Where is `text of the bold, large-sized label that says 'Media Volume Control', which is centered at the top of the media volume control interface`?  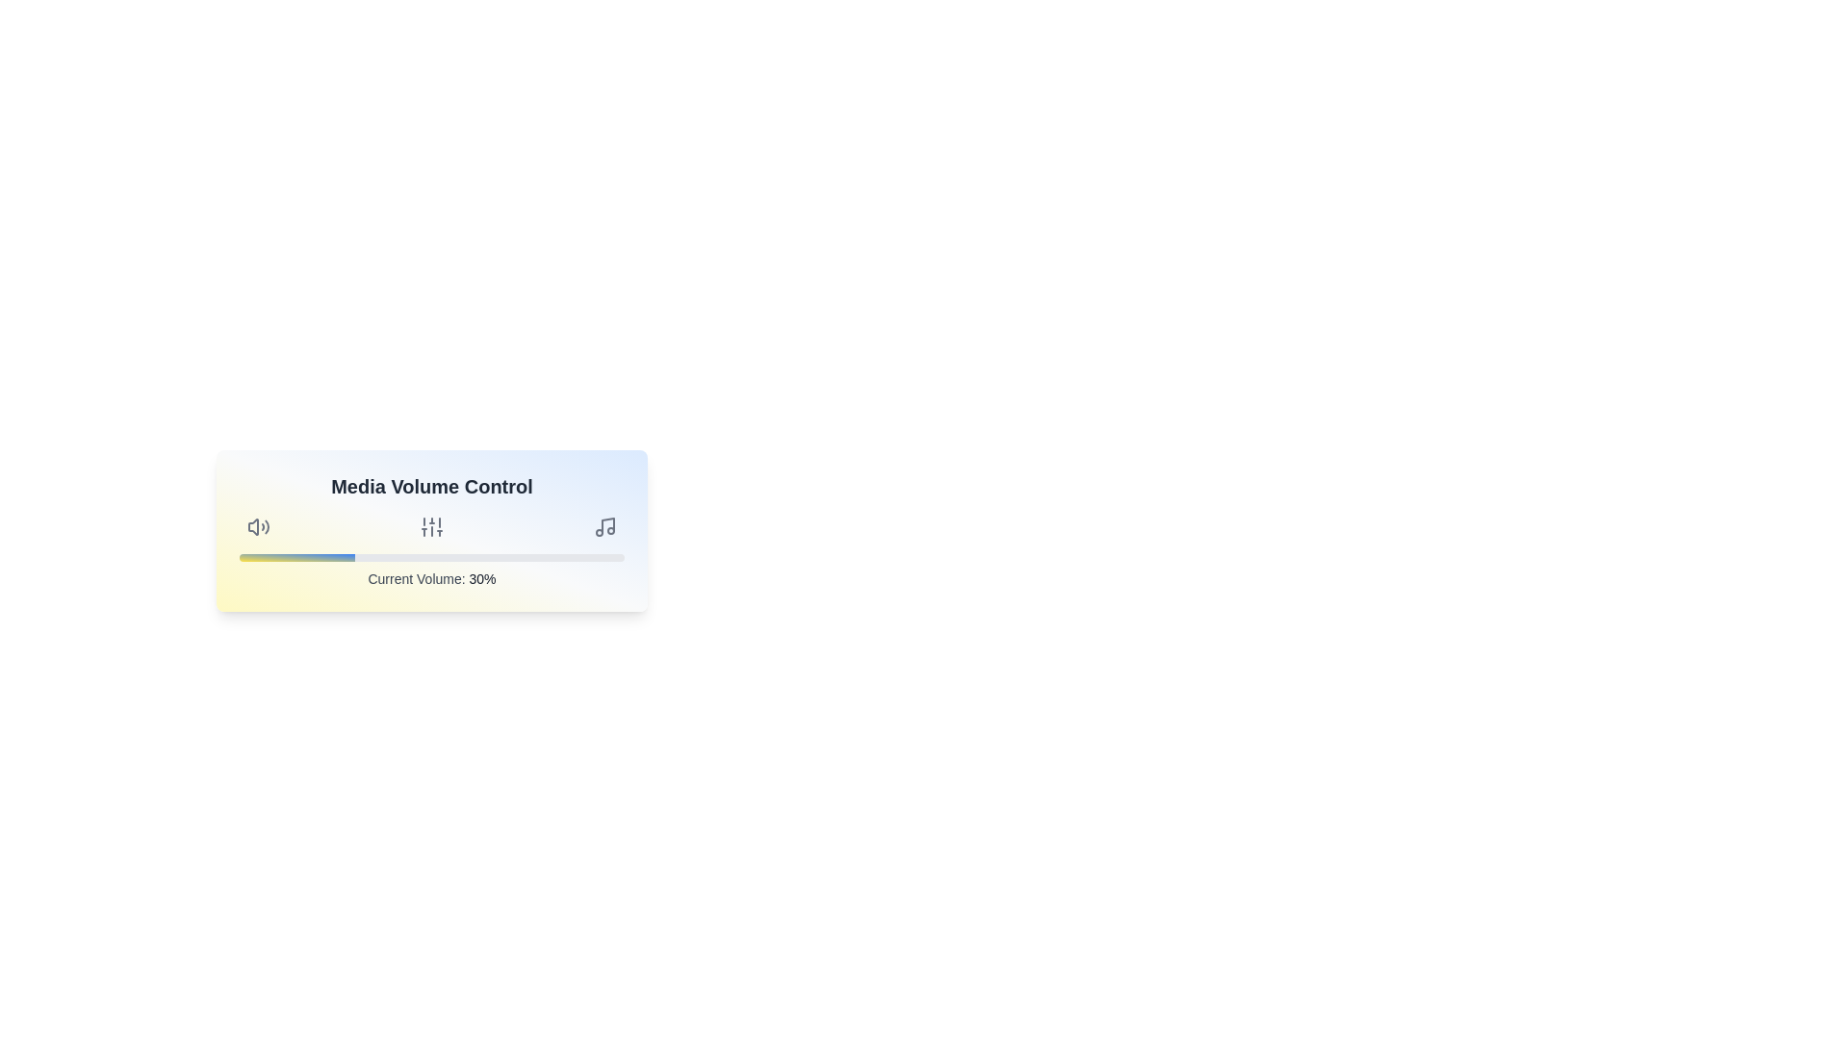
text of the bold, large-sized label that says 'Media Volume Control', which is centered at the top of the media volume control interface is located at coordinates (431, 485).